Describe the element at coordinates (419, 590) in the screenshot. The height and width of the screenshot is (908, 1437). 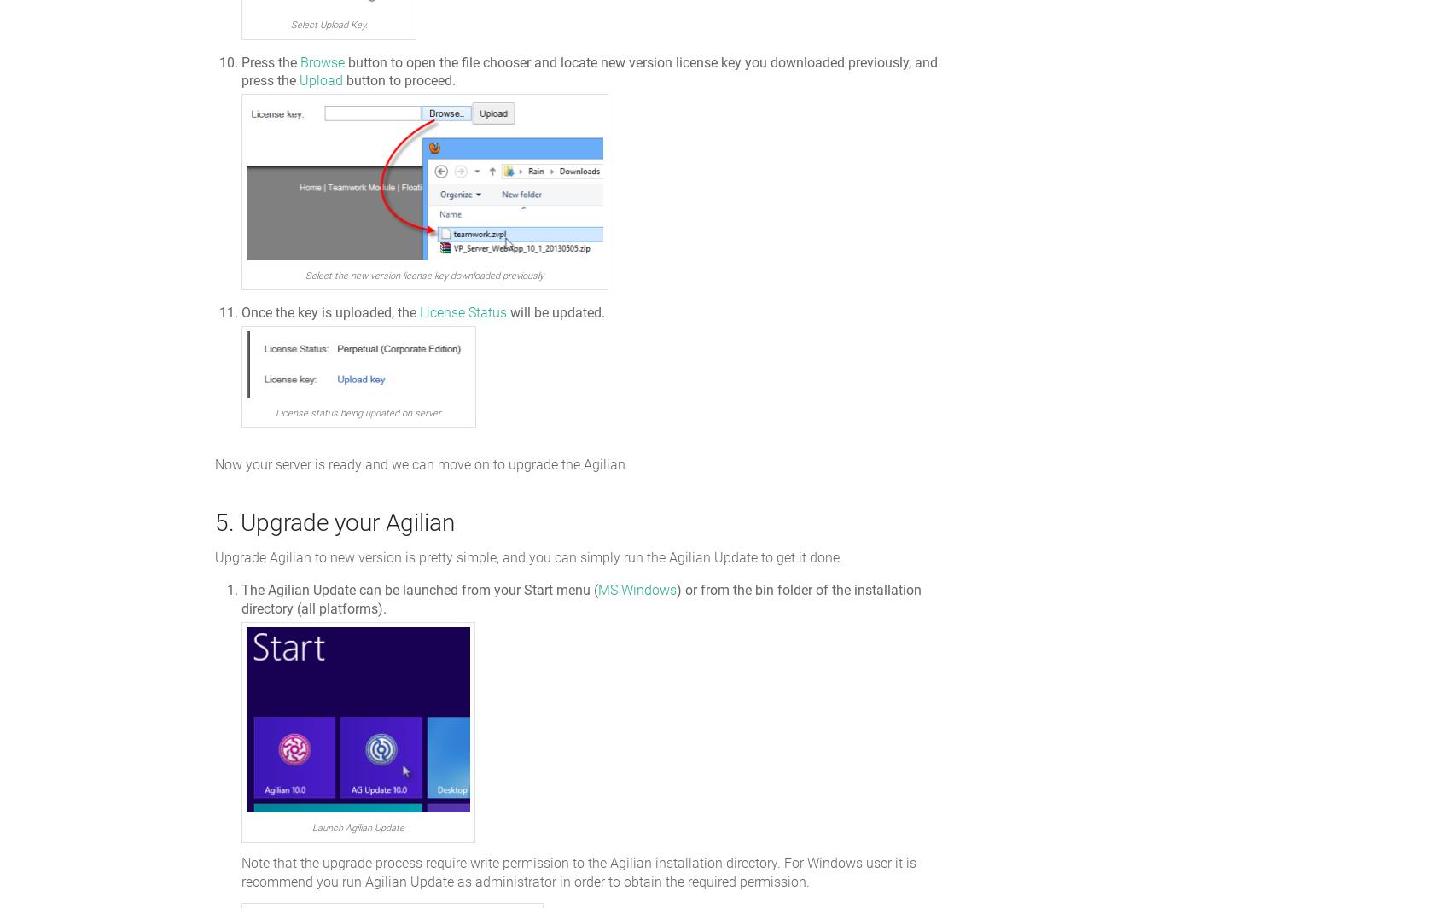
I see `'The Agilian Update can be launched from your Start menu ('` at that location.